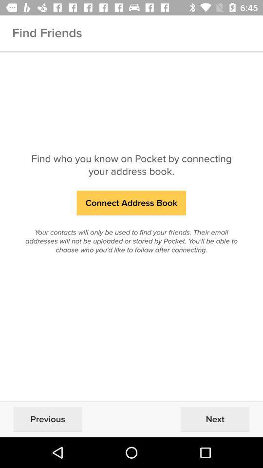  What do you see at coordinates (215, 419) in the screenshot?
I see `the next at the bottom right corner` at bounding box center [215, 419].